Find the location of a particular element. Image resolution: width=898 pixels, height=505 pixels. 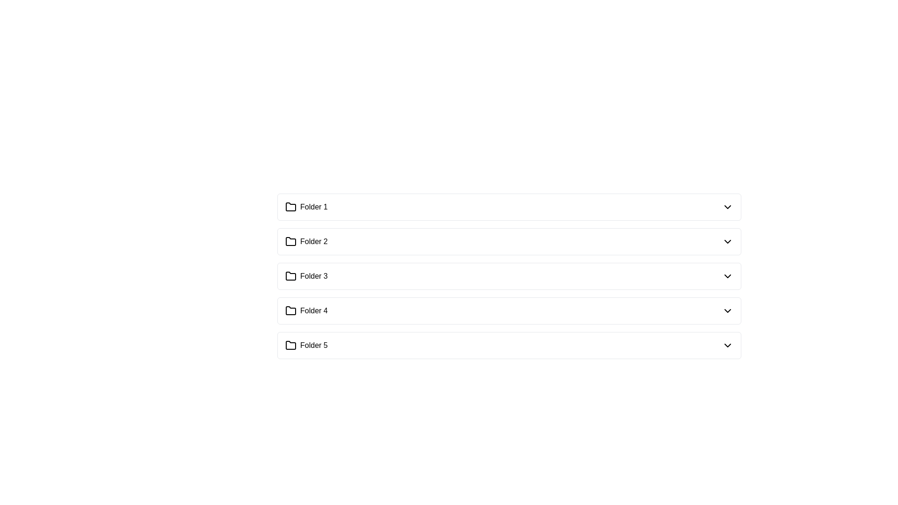

the text label that identifies the associated folder icon as 'Folder 3', located in the third row of folder items, to the right of the folder icon is located at coordinates (314, 275).